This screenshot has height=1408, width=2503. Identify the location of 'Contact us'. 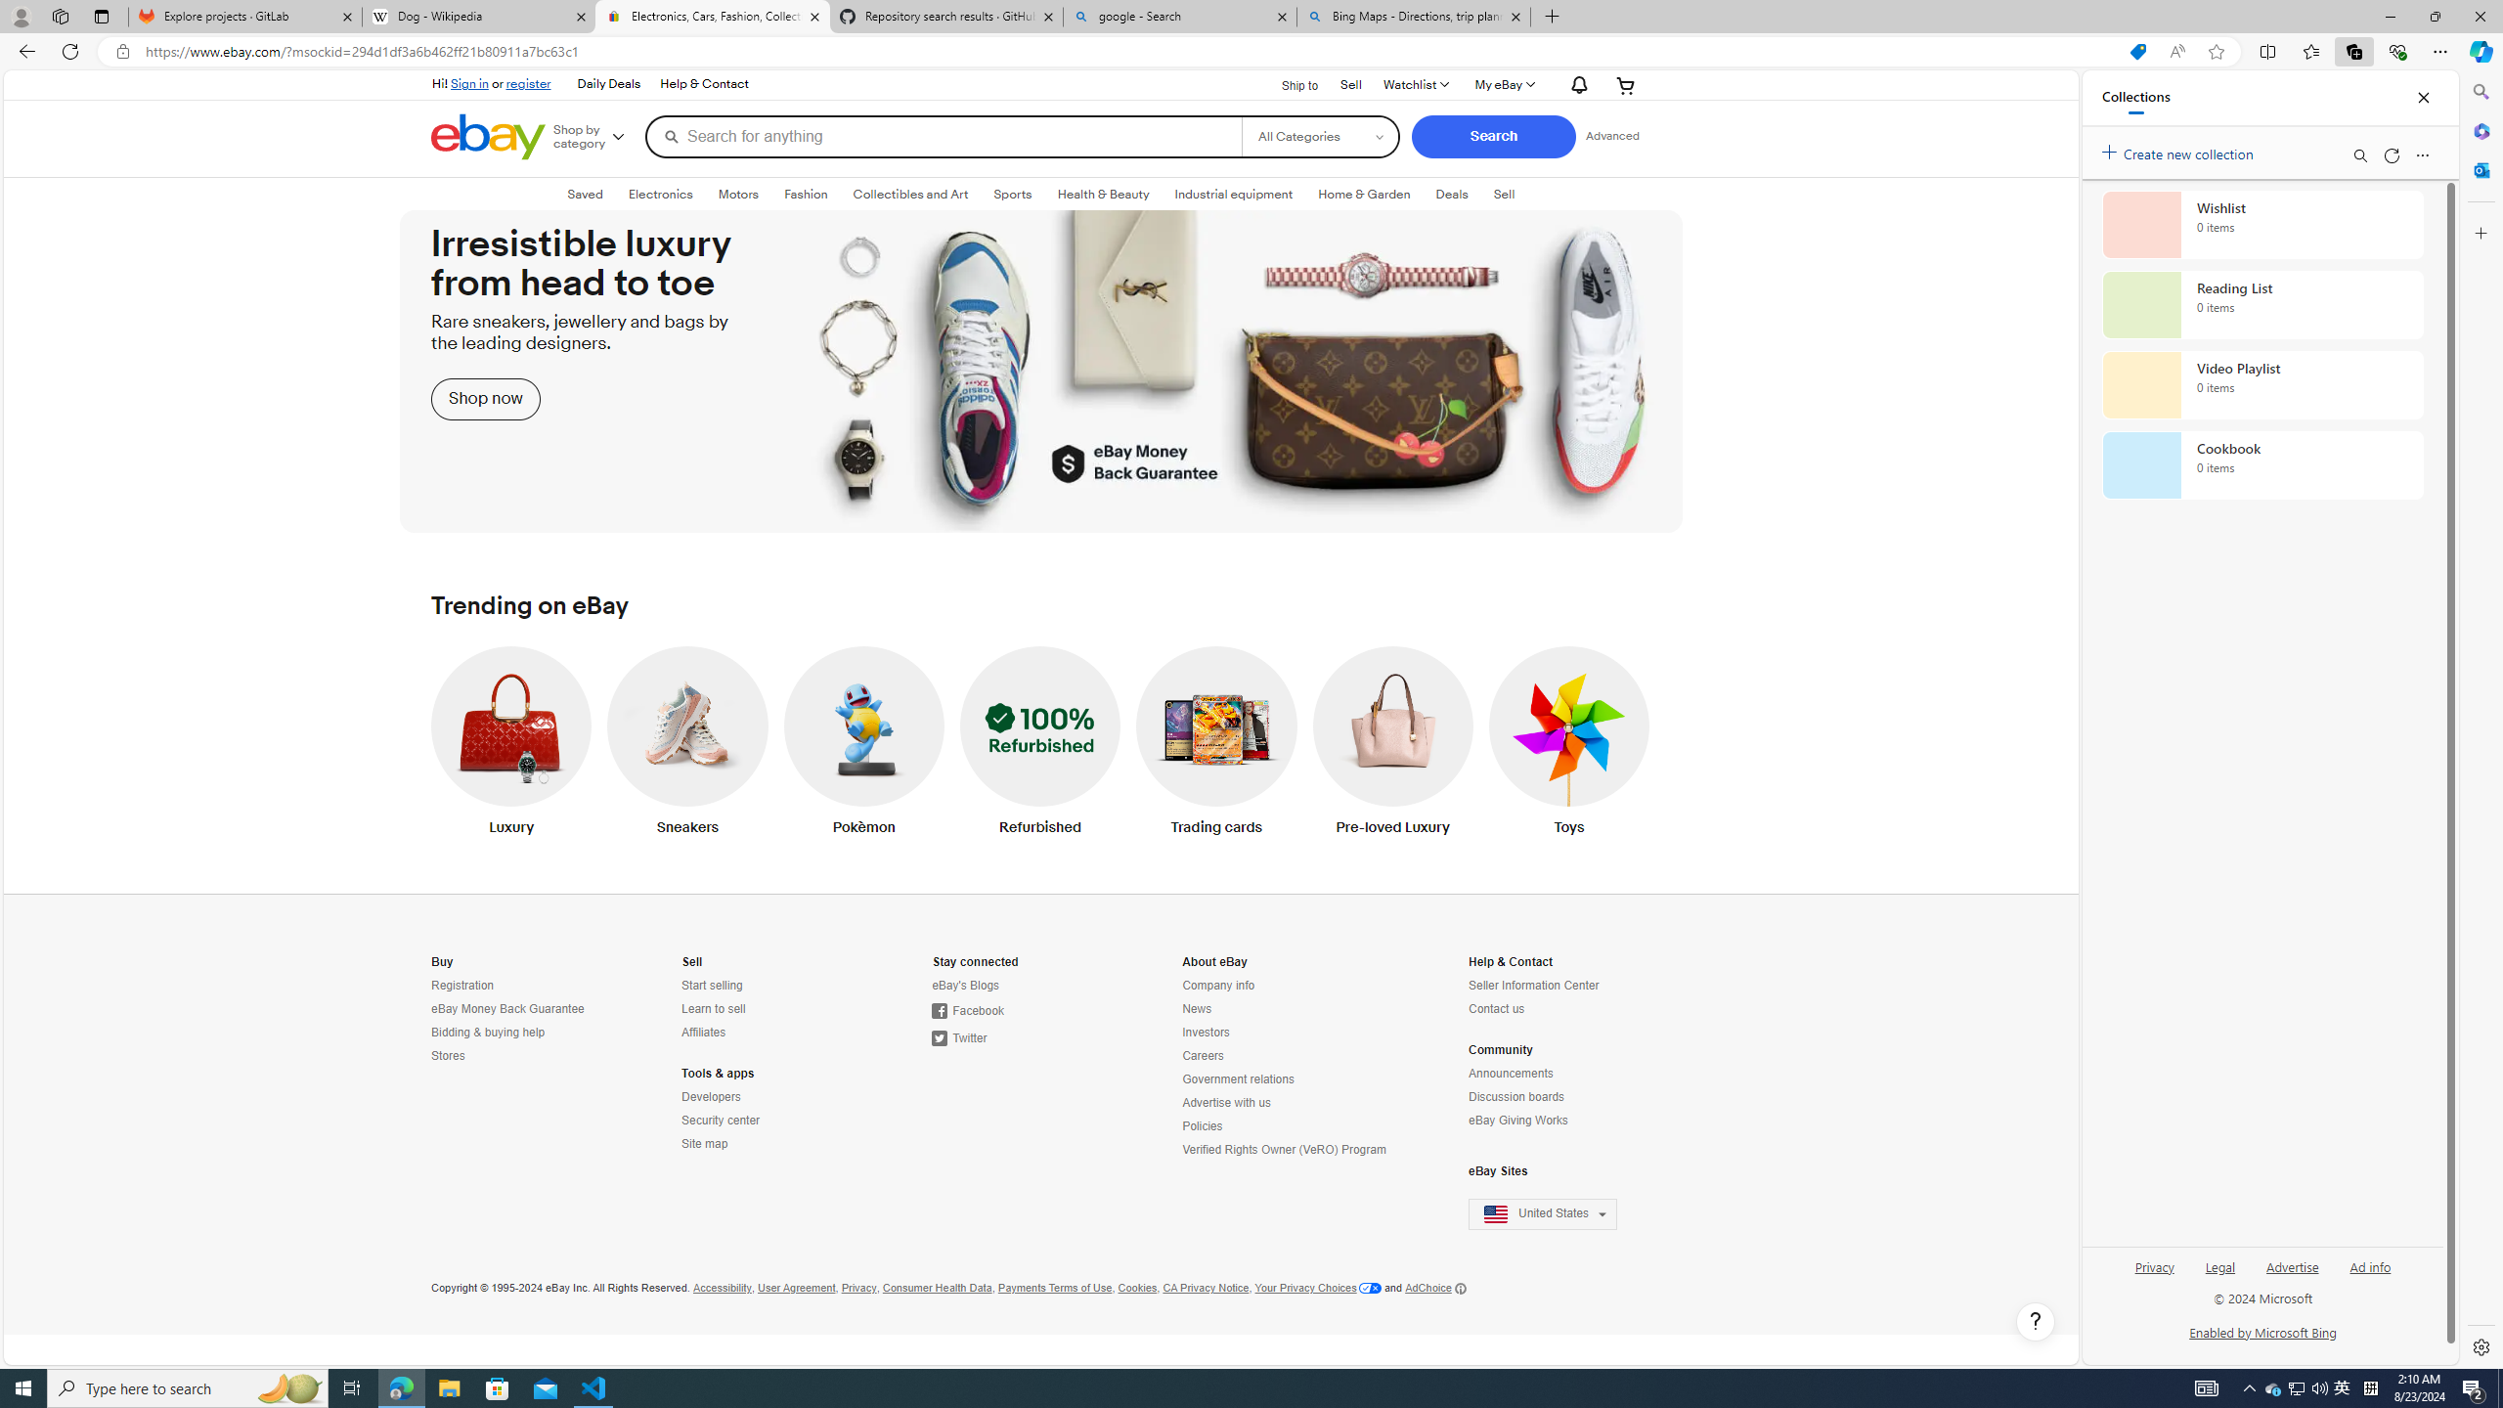
(1555, 1008).